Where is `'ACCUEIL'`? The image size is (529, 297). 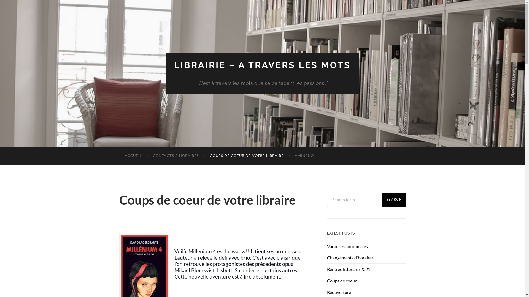 'ACCUEIL' is located at coordinates (133, 155).